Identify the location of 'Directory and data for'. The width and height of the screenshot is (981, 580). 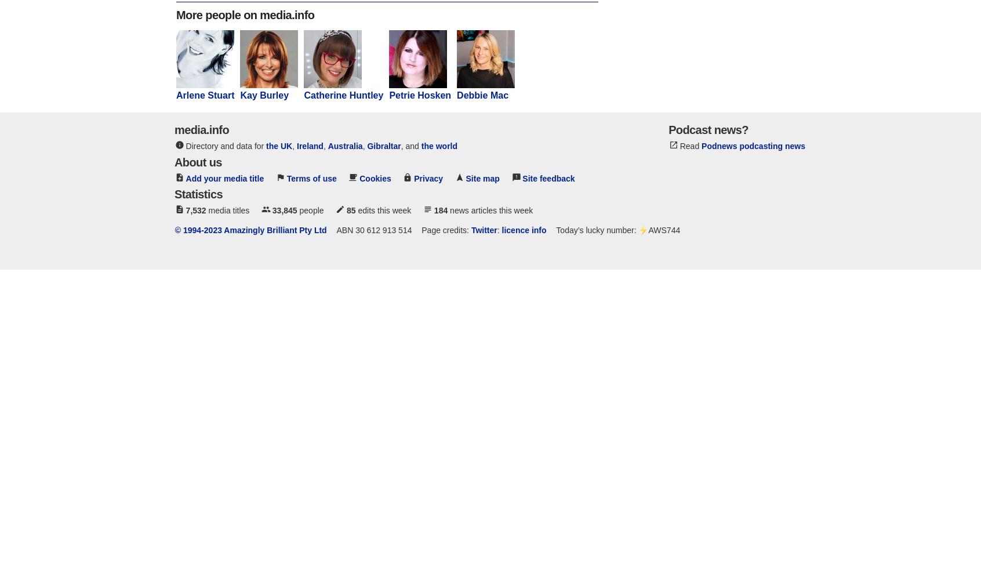
(184, 146).